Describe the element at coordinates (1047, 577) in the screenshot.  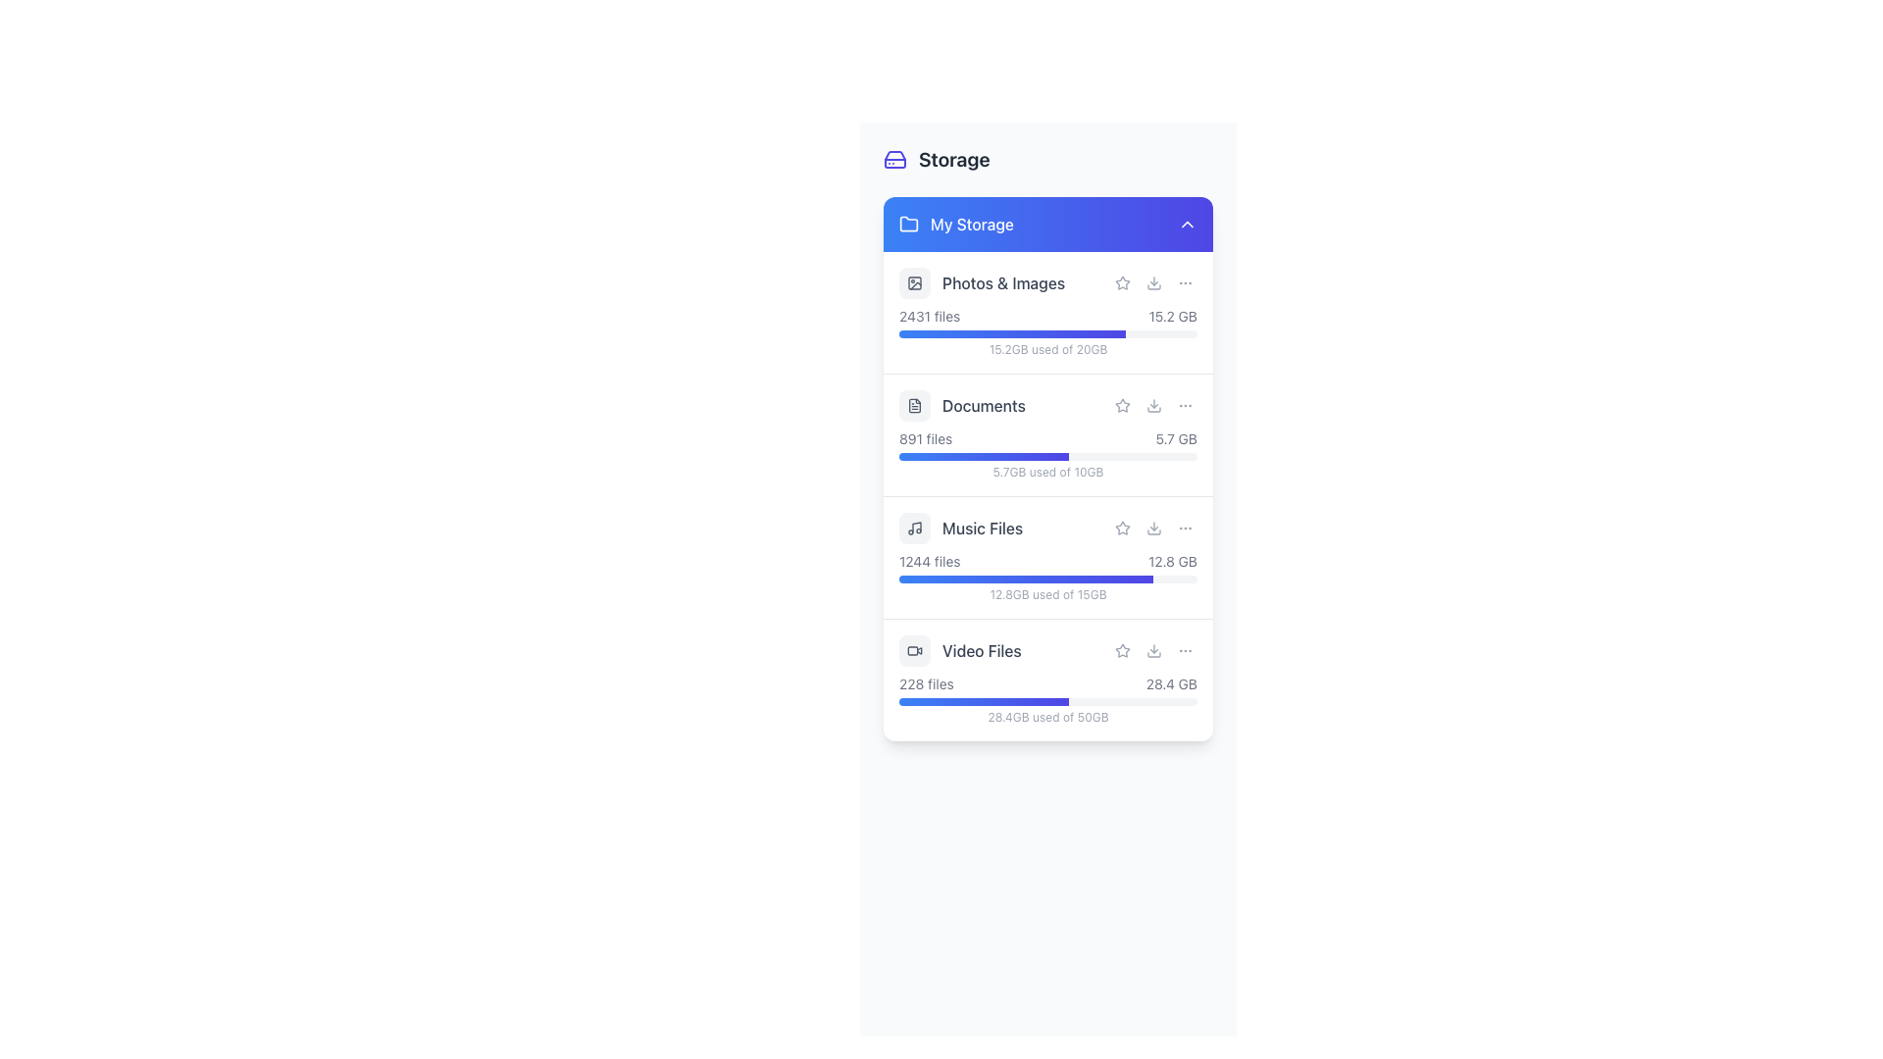
I see `the progress bar of the Information Widget in the 'Music Files' section` at that location.